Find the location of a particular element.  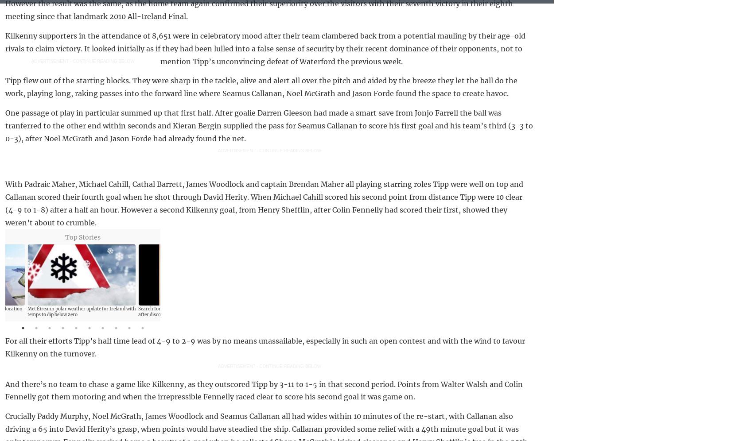

'For all their efforts Tipp’s half time lead of 4-9 to 2-9 was by no means unassailable, especially in such an open contest and with the wind to favour Kilkenny on the turnover.' is located at coordinates (265, 347).